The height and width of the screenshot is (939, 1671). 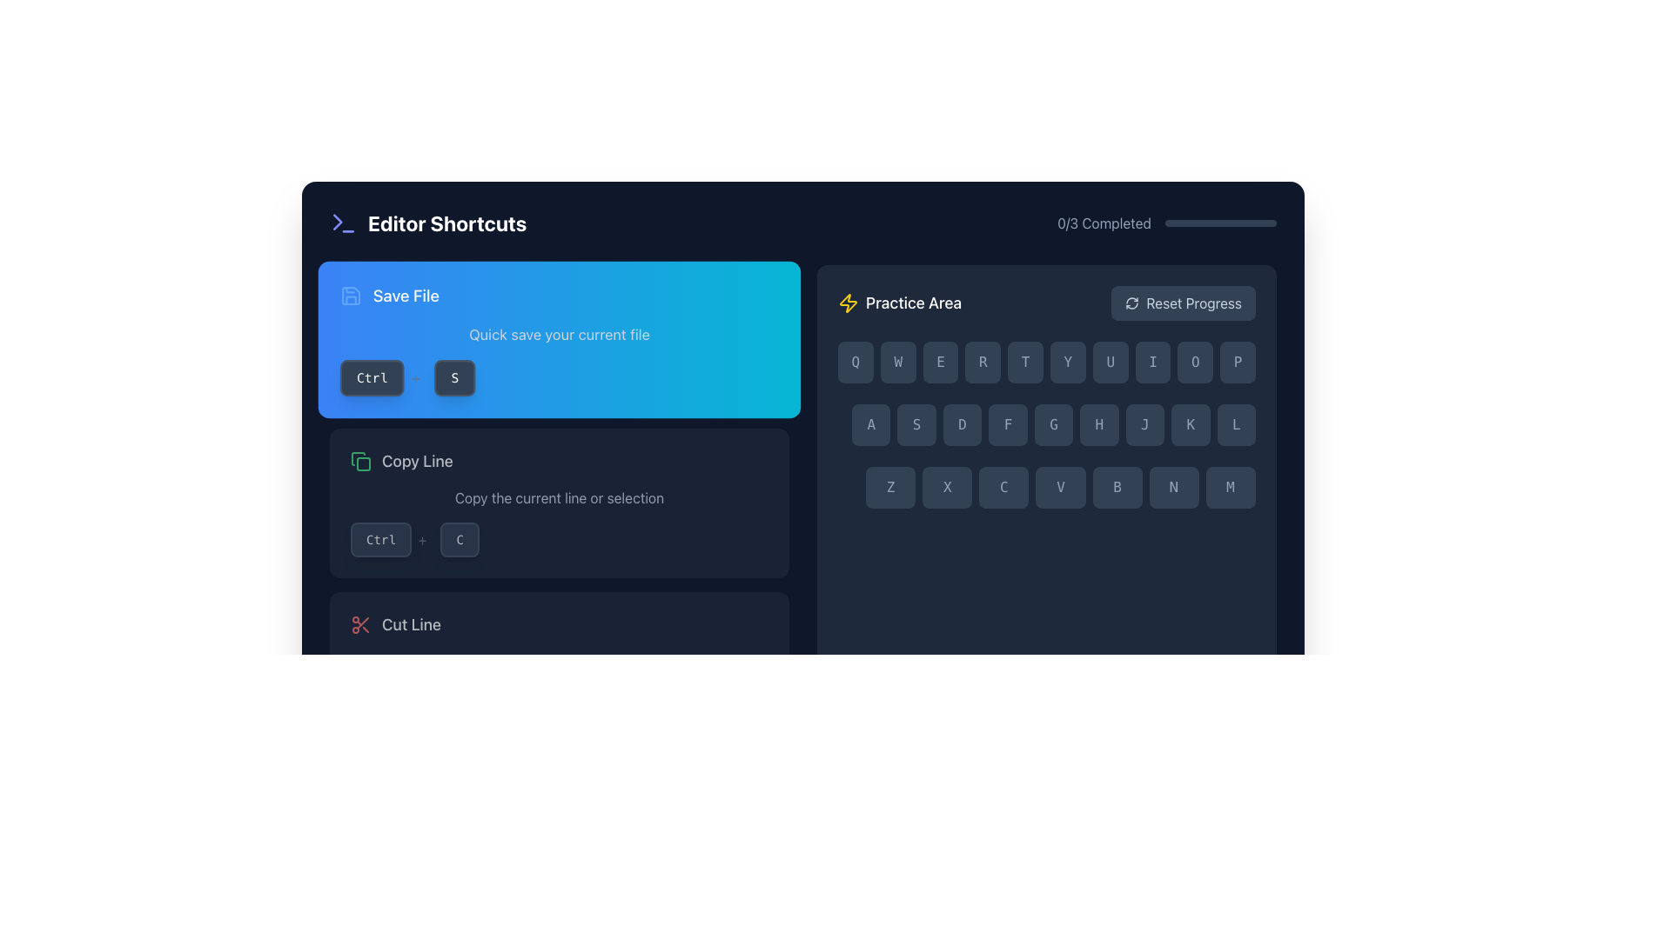 I want to click on the informational label with a green icon resembling overlapping documents and the text label 'Copy Line', located in the left panel under 'Save File' and above 'Cut Line', so click(x=400, y=461).